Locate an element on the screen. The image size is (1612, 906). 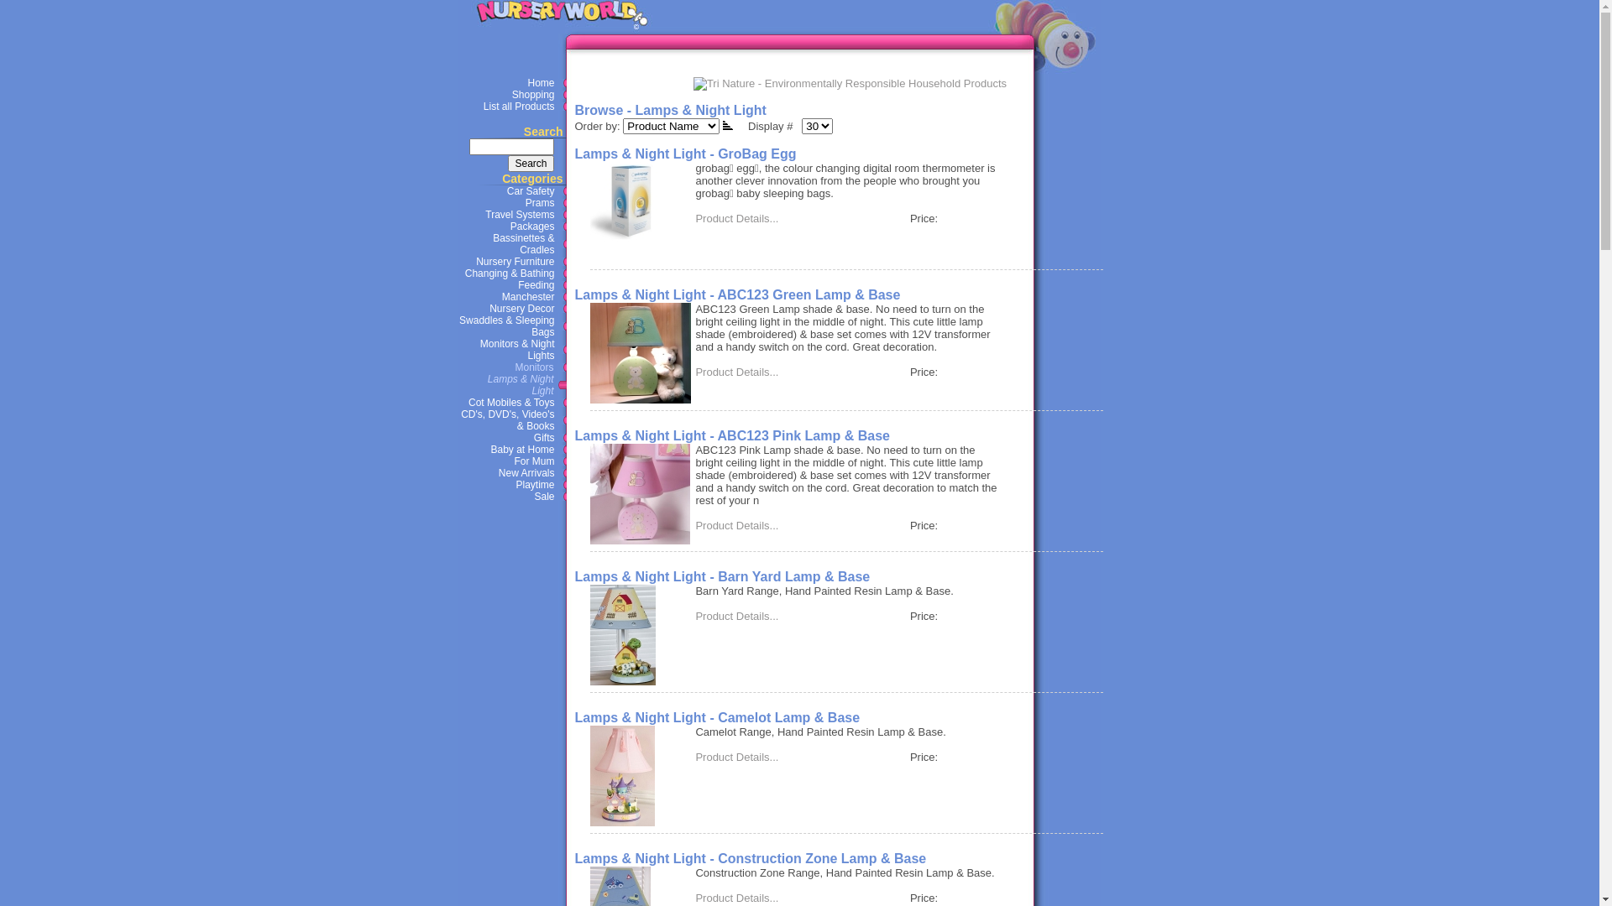
'CD's, DVD's, Video's & Books' is located at coordinates (510, 419).